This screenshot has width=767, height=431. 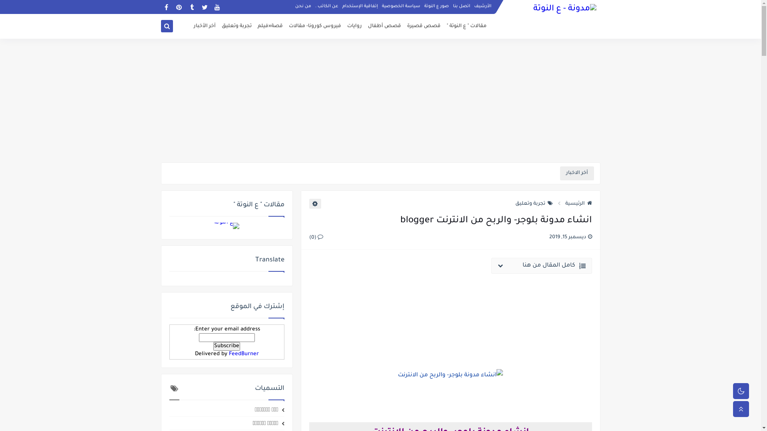 What do you see at coordinates (178, 7) in the screenshot?
I see `'pinterest'` at bounding box center [178, 7].